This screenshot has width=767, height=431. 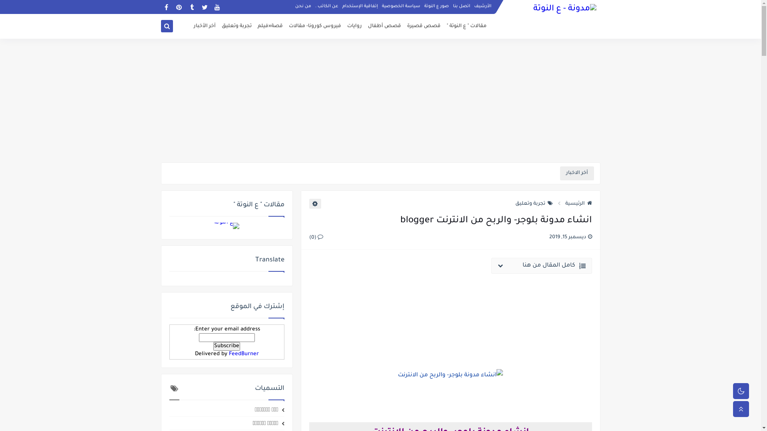 What do you see at coordinates (178, 7) in the screenshot?
I see `'pinterest'` at bounding box center [178, 7].